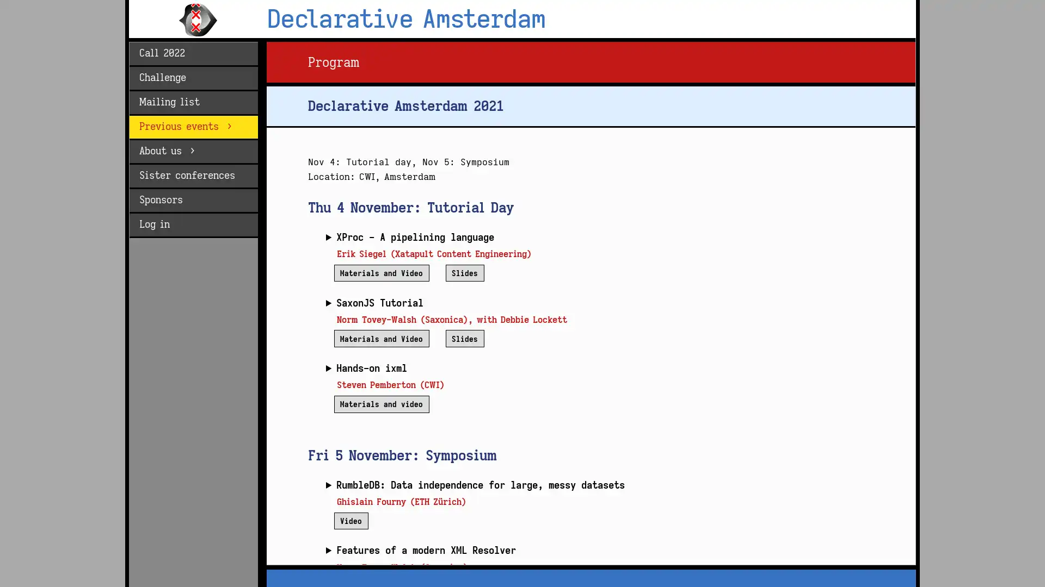  I want to click on Slides, so click(464, 338).